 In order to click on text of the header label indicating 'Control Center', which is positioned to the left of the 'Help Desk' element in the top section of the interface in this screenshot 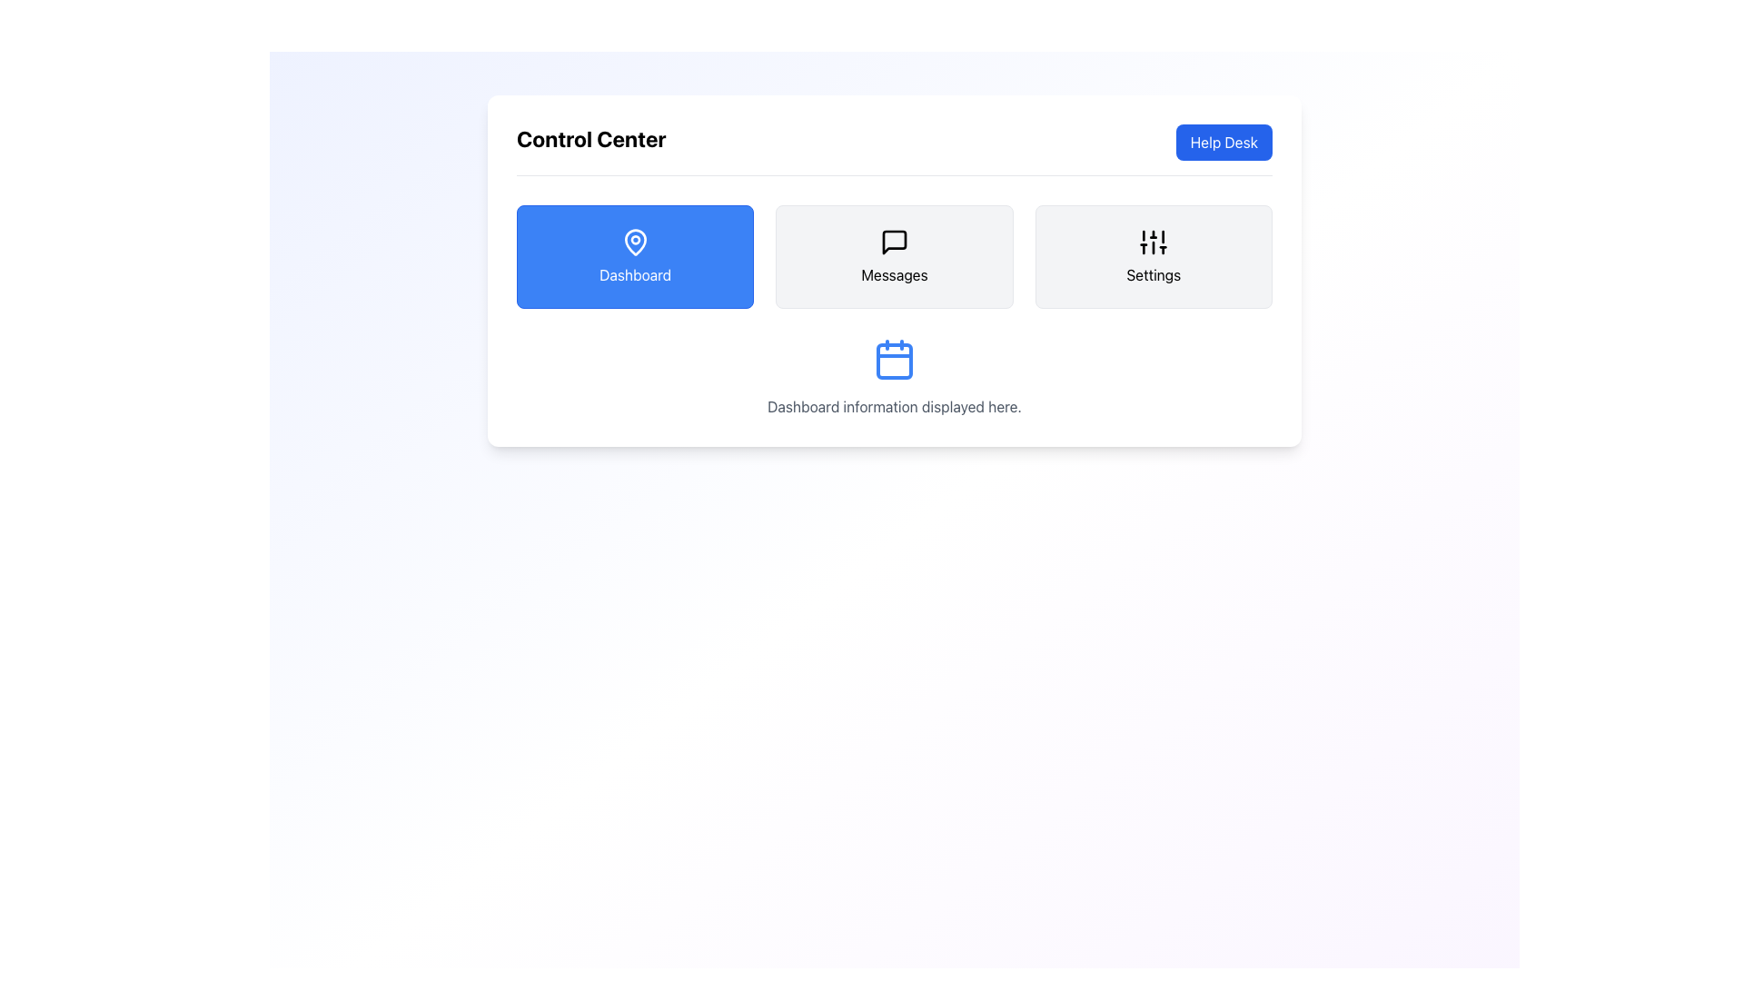, I will do `click(591, 142)`.